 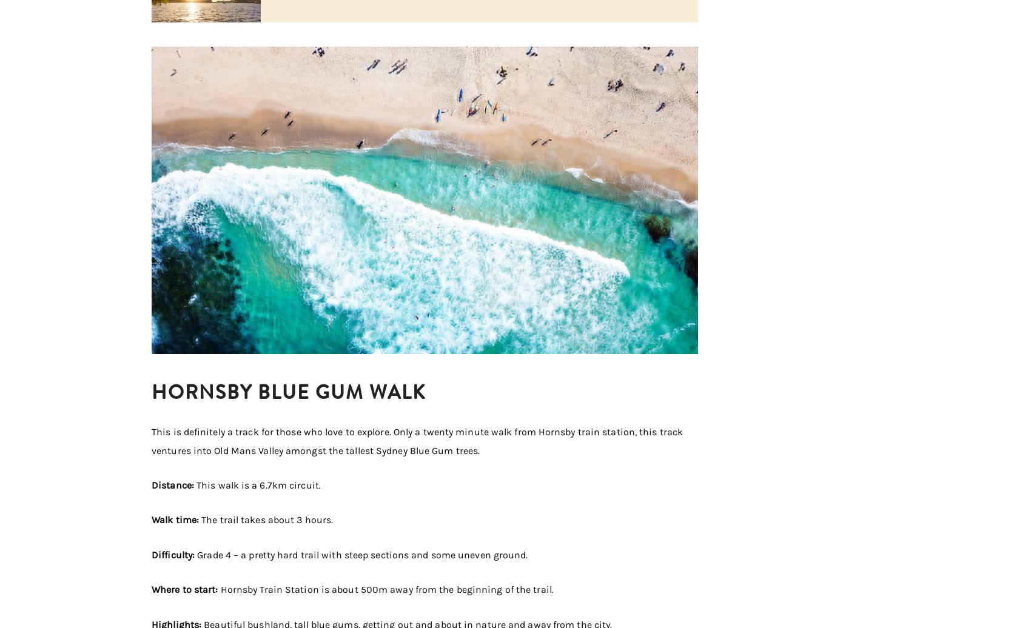 What do you see at coordinates (360, 554) in the screenshot?
I see `'Grade 4 – a pretty hard trail with steep sections and some uneven ground.'` at bounding box center [360, 554].